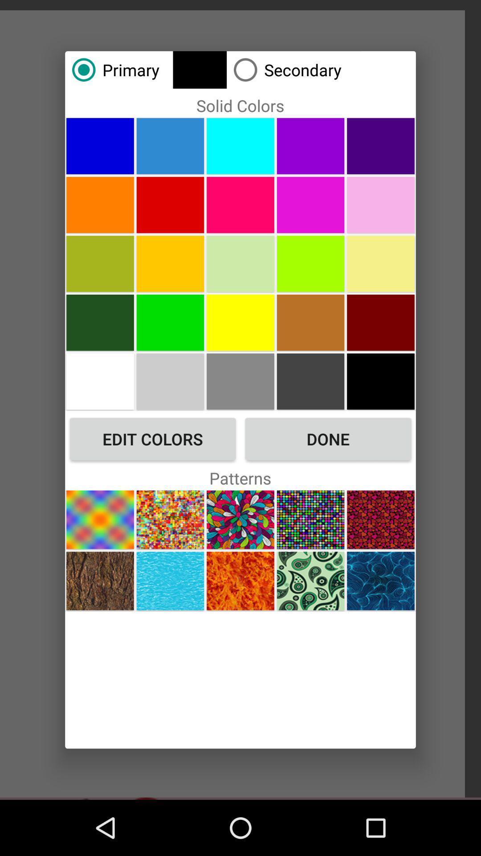  Describe the element at coordinates (240, 204) in the screenshot. I see `orange box flashing for selecting color` at that location.